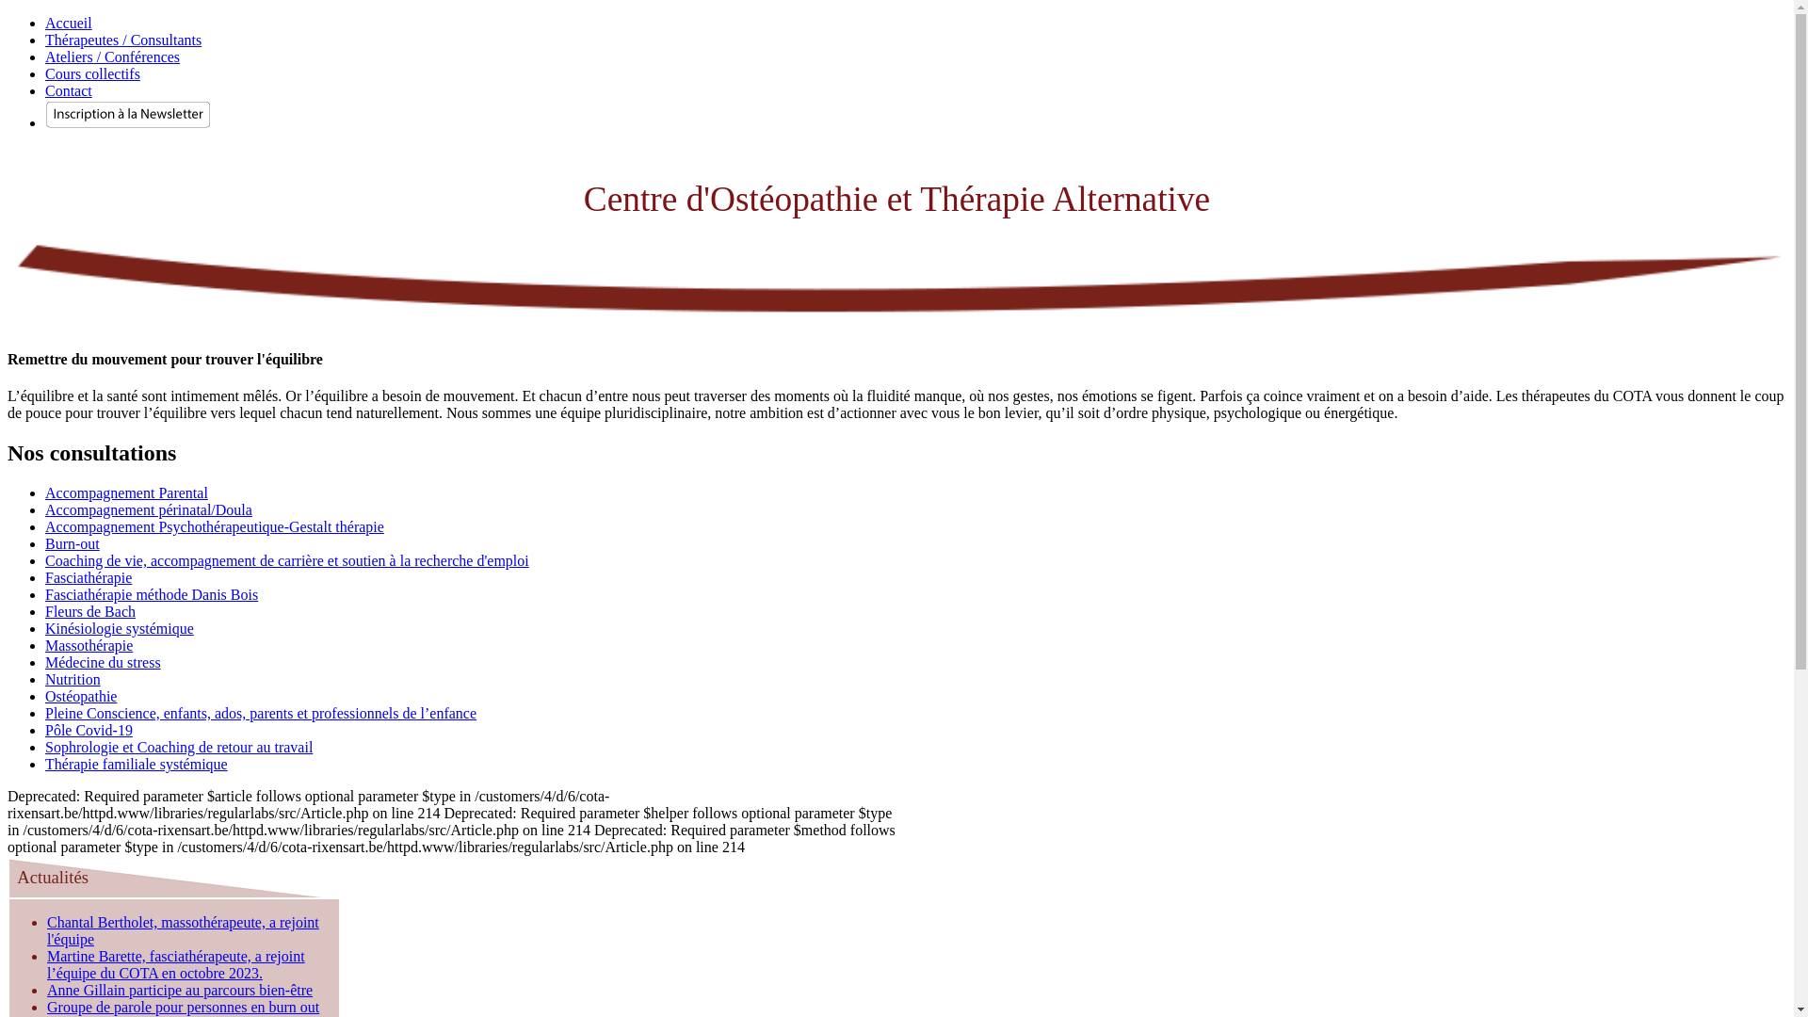 The height and width of the screenshot is (1017, 1808). What do you see at coordinates (45, 23) in the screenshot?
I see `'Accueil'` at bounding box center [45, 23].